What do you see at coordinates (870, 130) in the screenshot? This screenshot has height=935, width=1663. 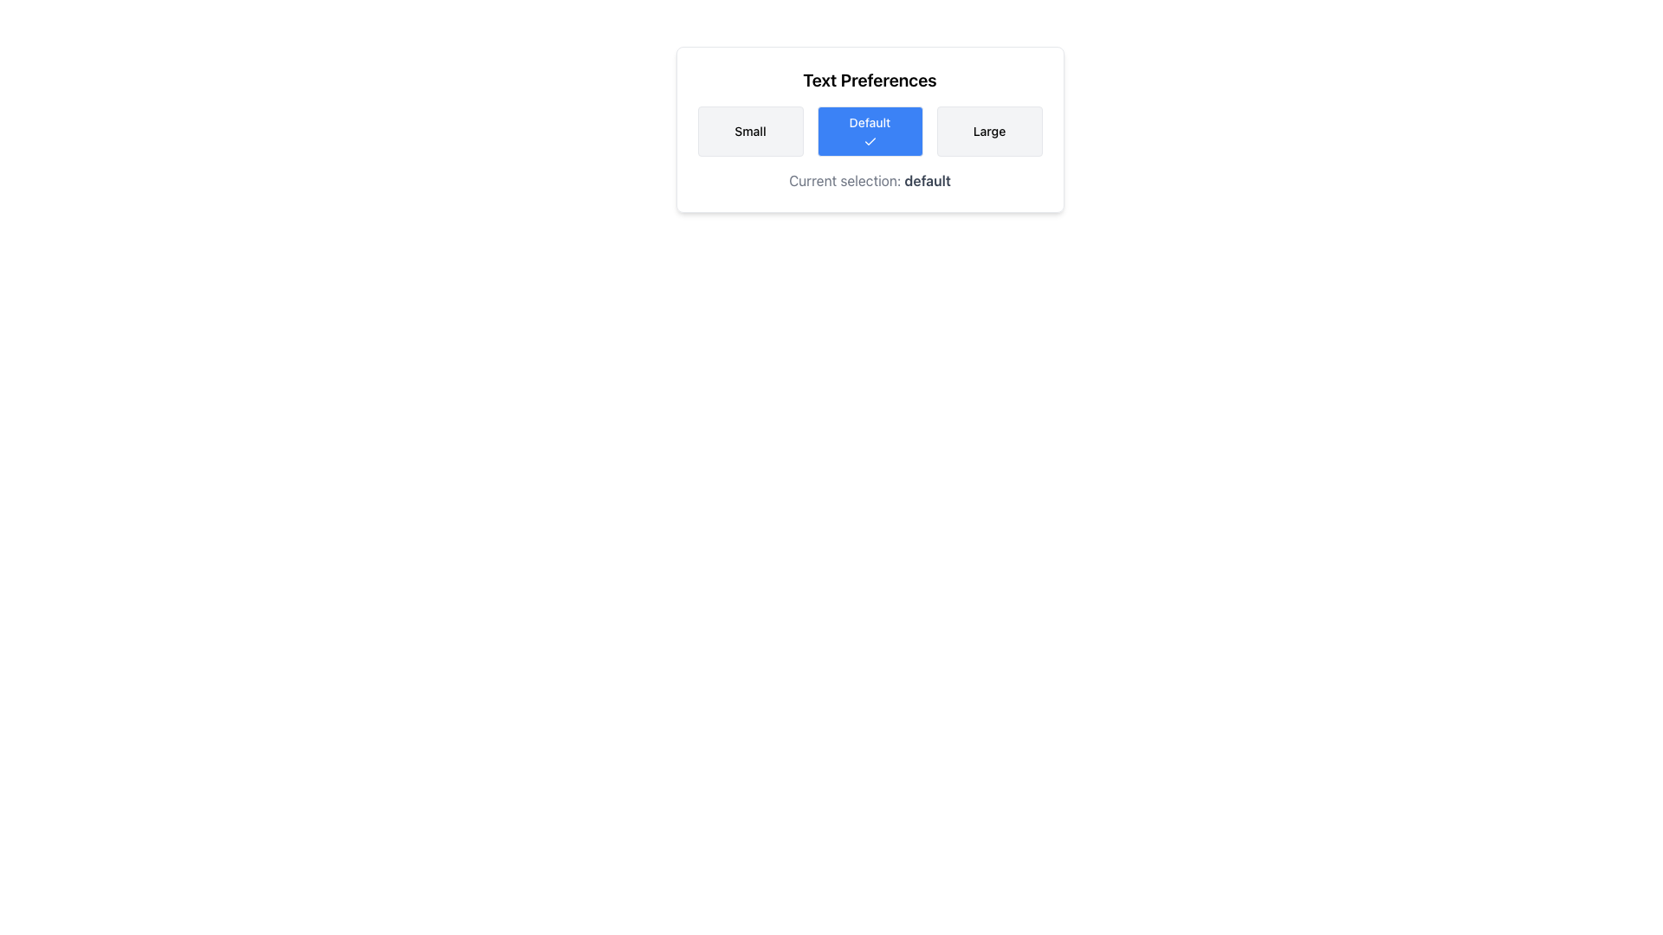 I see `the 'Default' text size option button, which is the middle button in the three-button arrangement under 'Text Preferences'` at bounding box center [870, 130].